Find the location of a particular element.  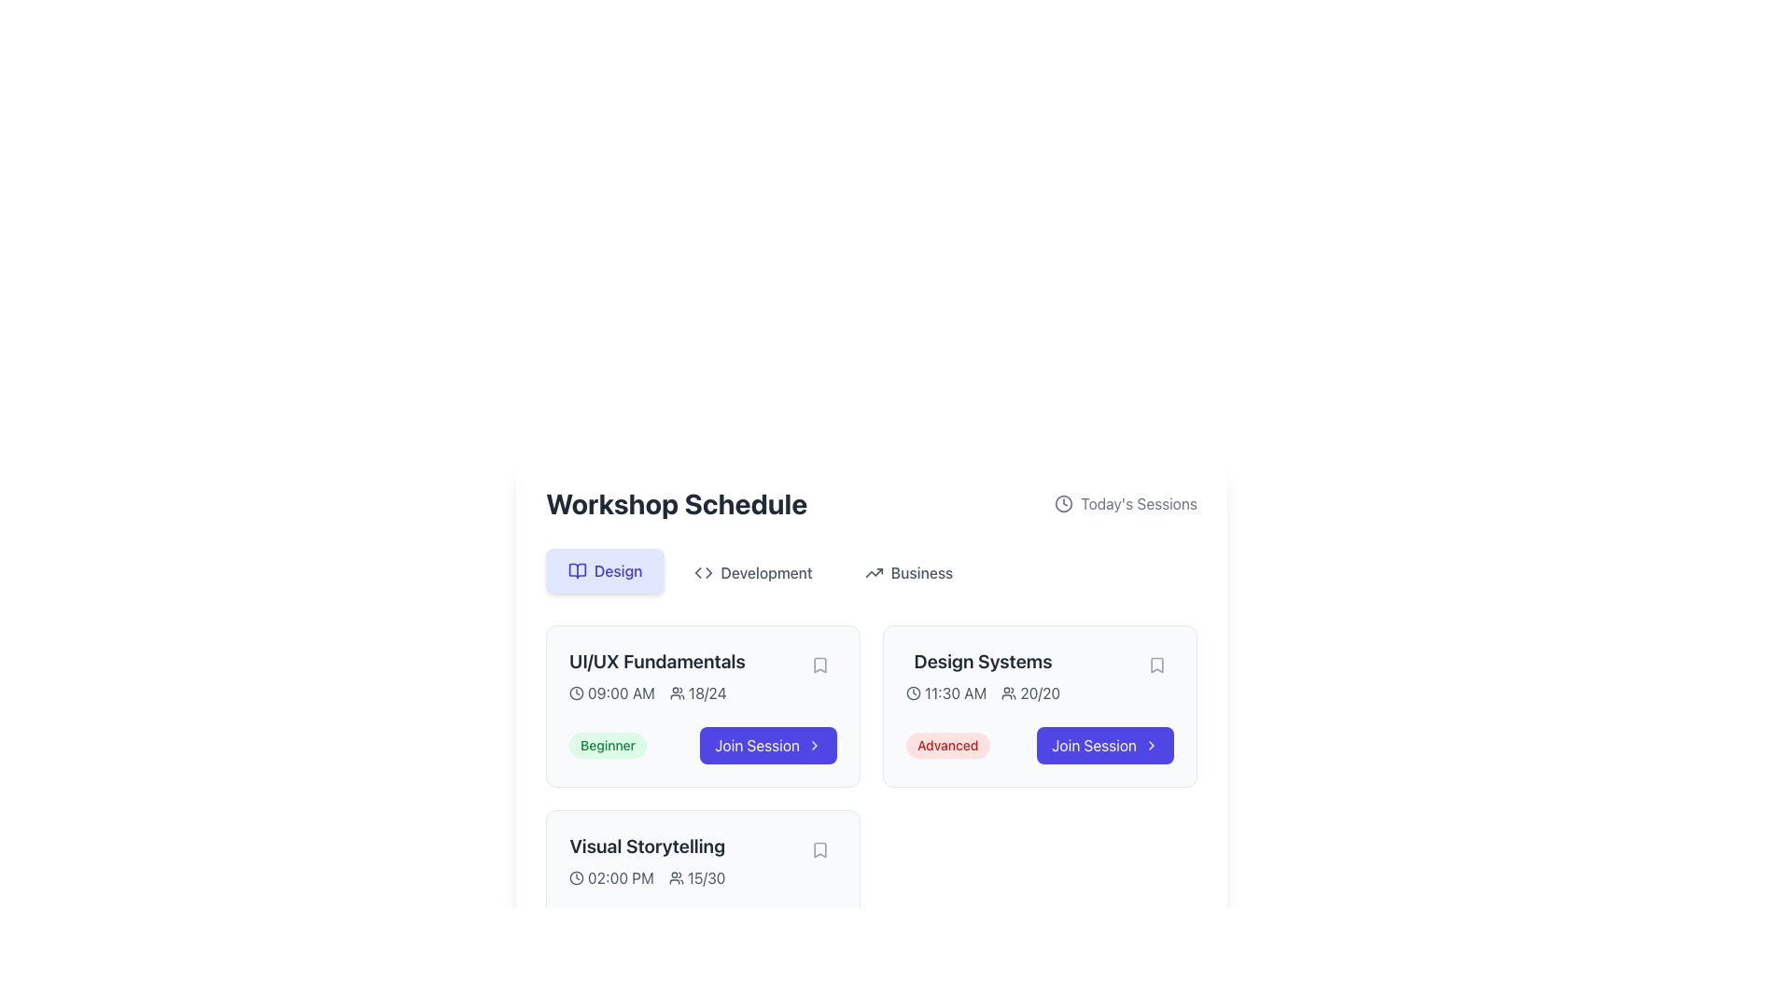

the small bookmark icon with a gray outline located at the top-right corner of the 'UI/UX Fundamentals' workshop card is located at coordinates (819, 665).